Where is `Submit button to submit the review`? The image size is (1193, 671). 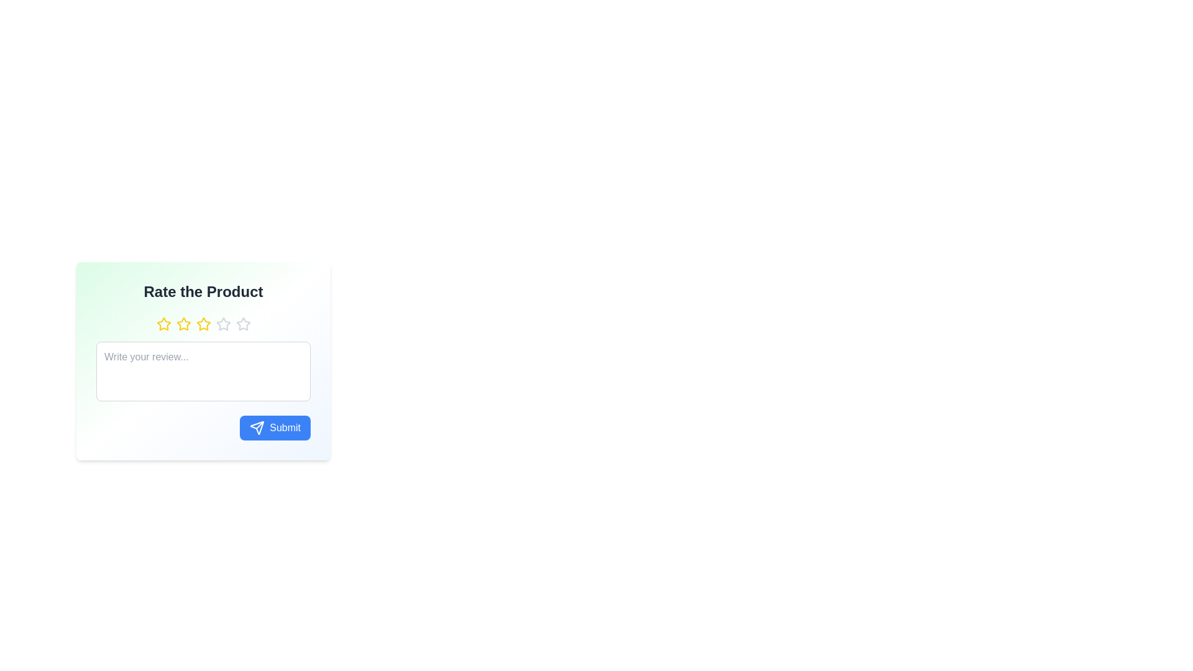 Submit button to submit the review is located at coordinates (274, 427).